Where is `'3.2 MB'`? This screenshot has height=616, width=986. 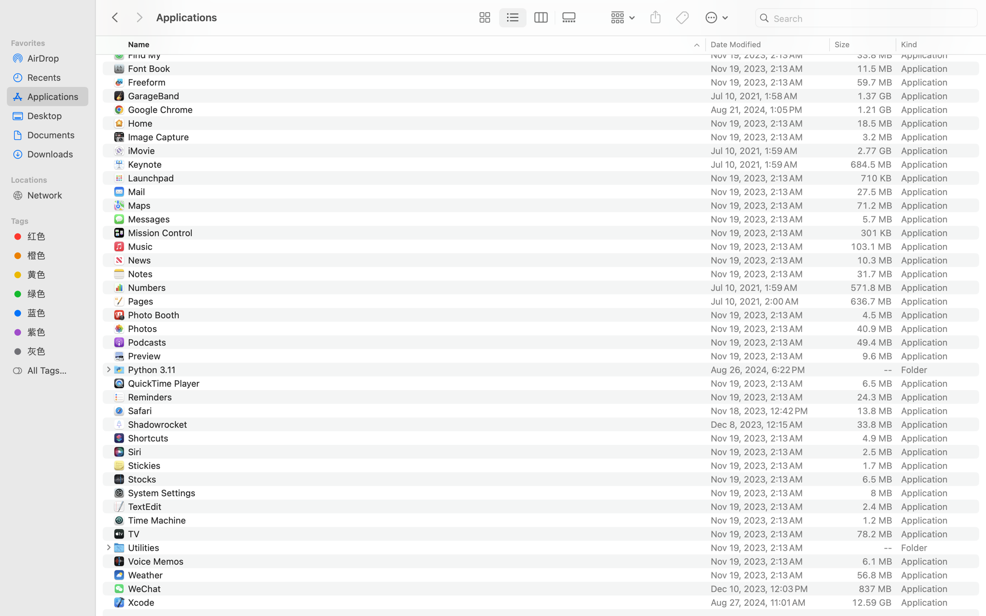
'3.2 MB' is located at coordinates (877, 136).